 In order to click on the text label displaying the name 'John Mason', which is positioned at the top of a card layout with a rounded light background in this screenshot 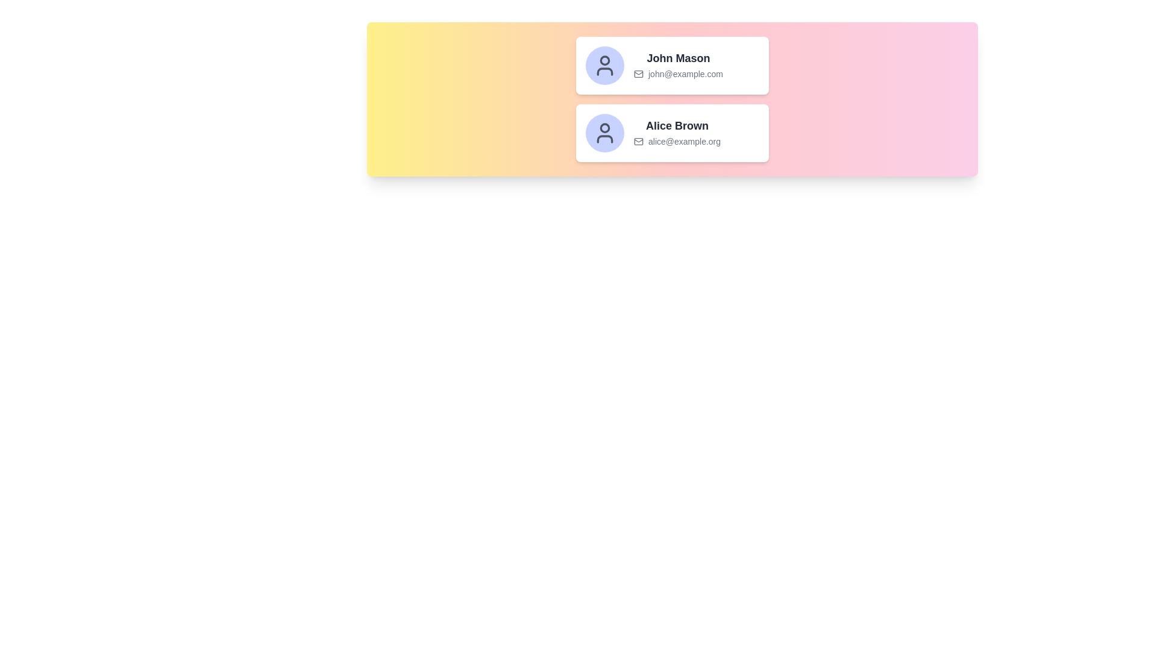, I will do `click(678, 58)`.